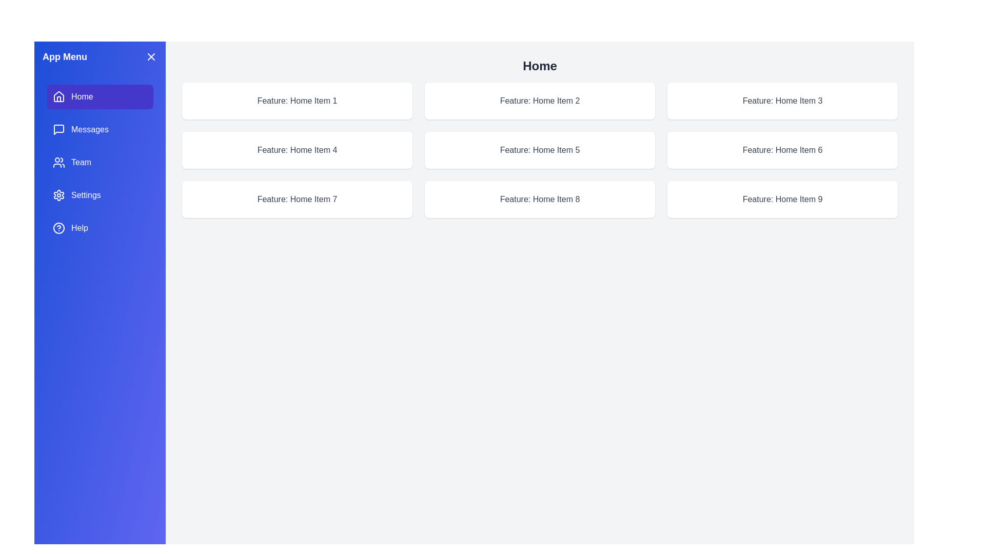  Describe the element at coordinates (100, 195) in the screenshot. I see `the feature Settings from the menu` at that location.